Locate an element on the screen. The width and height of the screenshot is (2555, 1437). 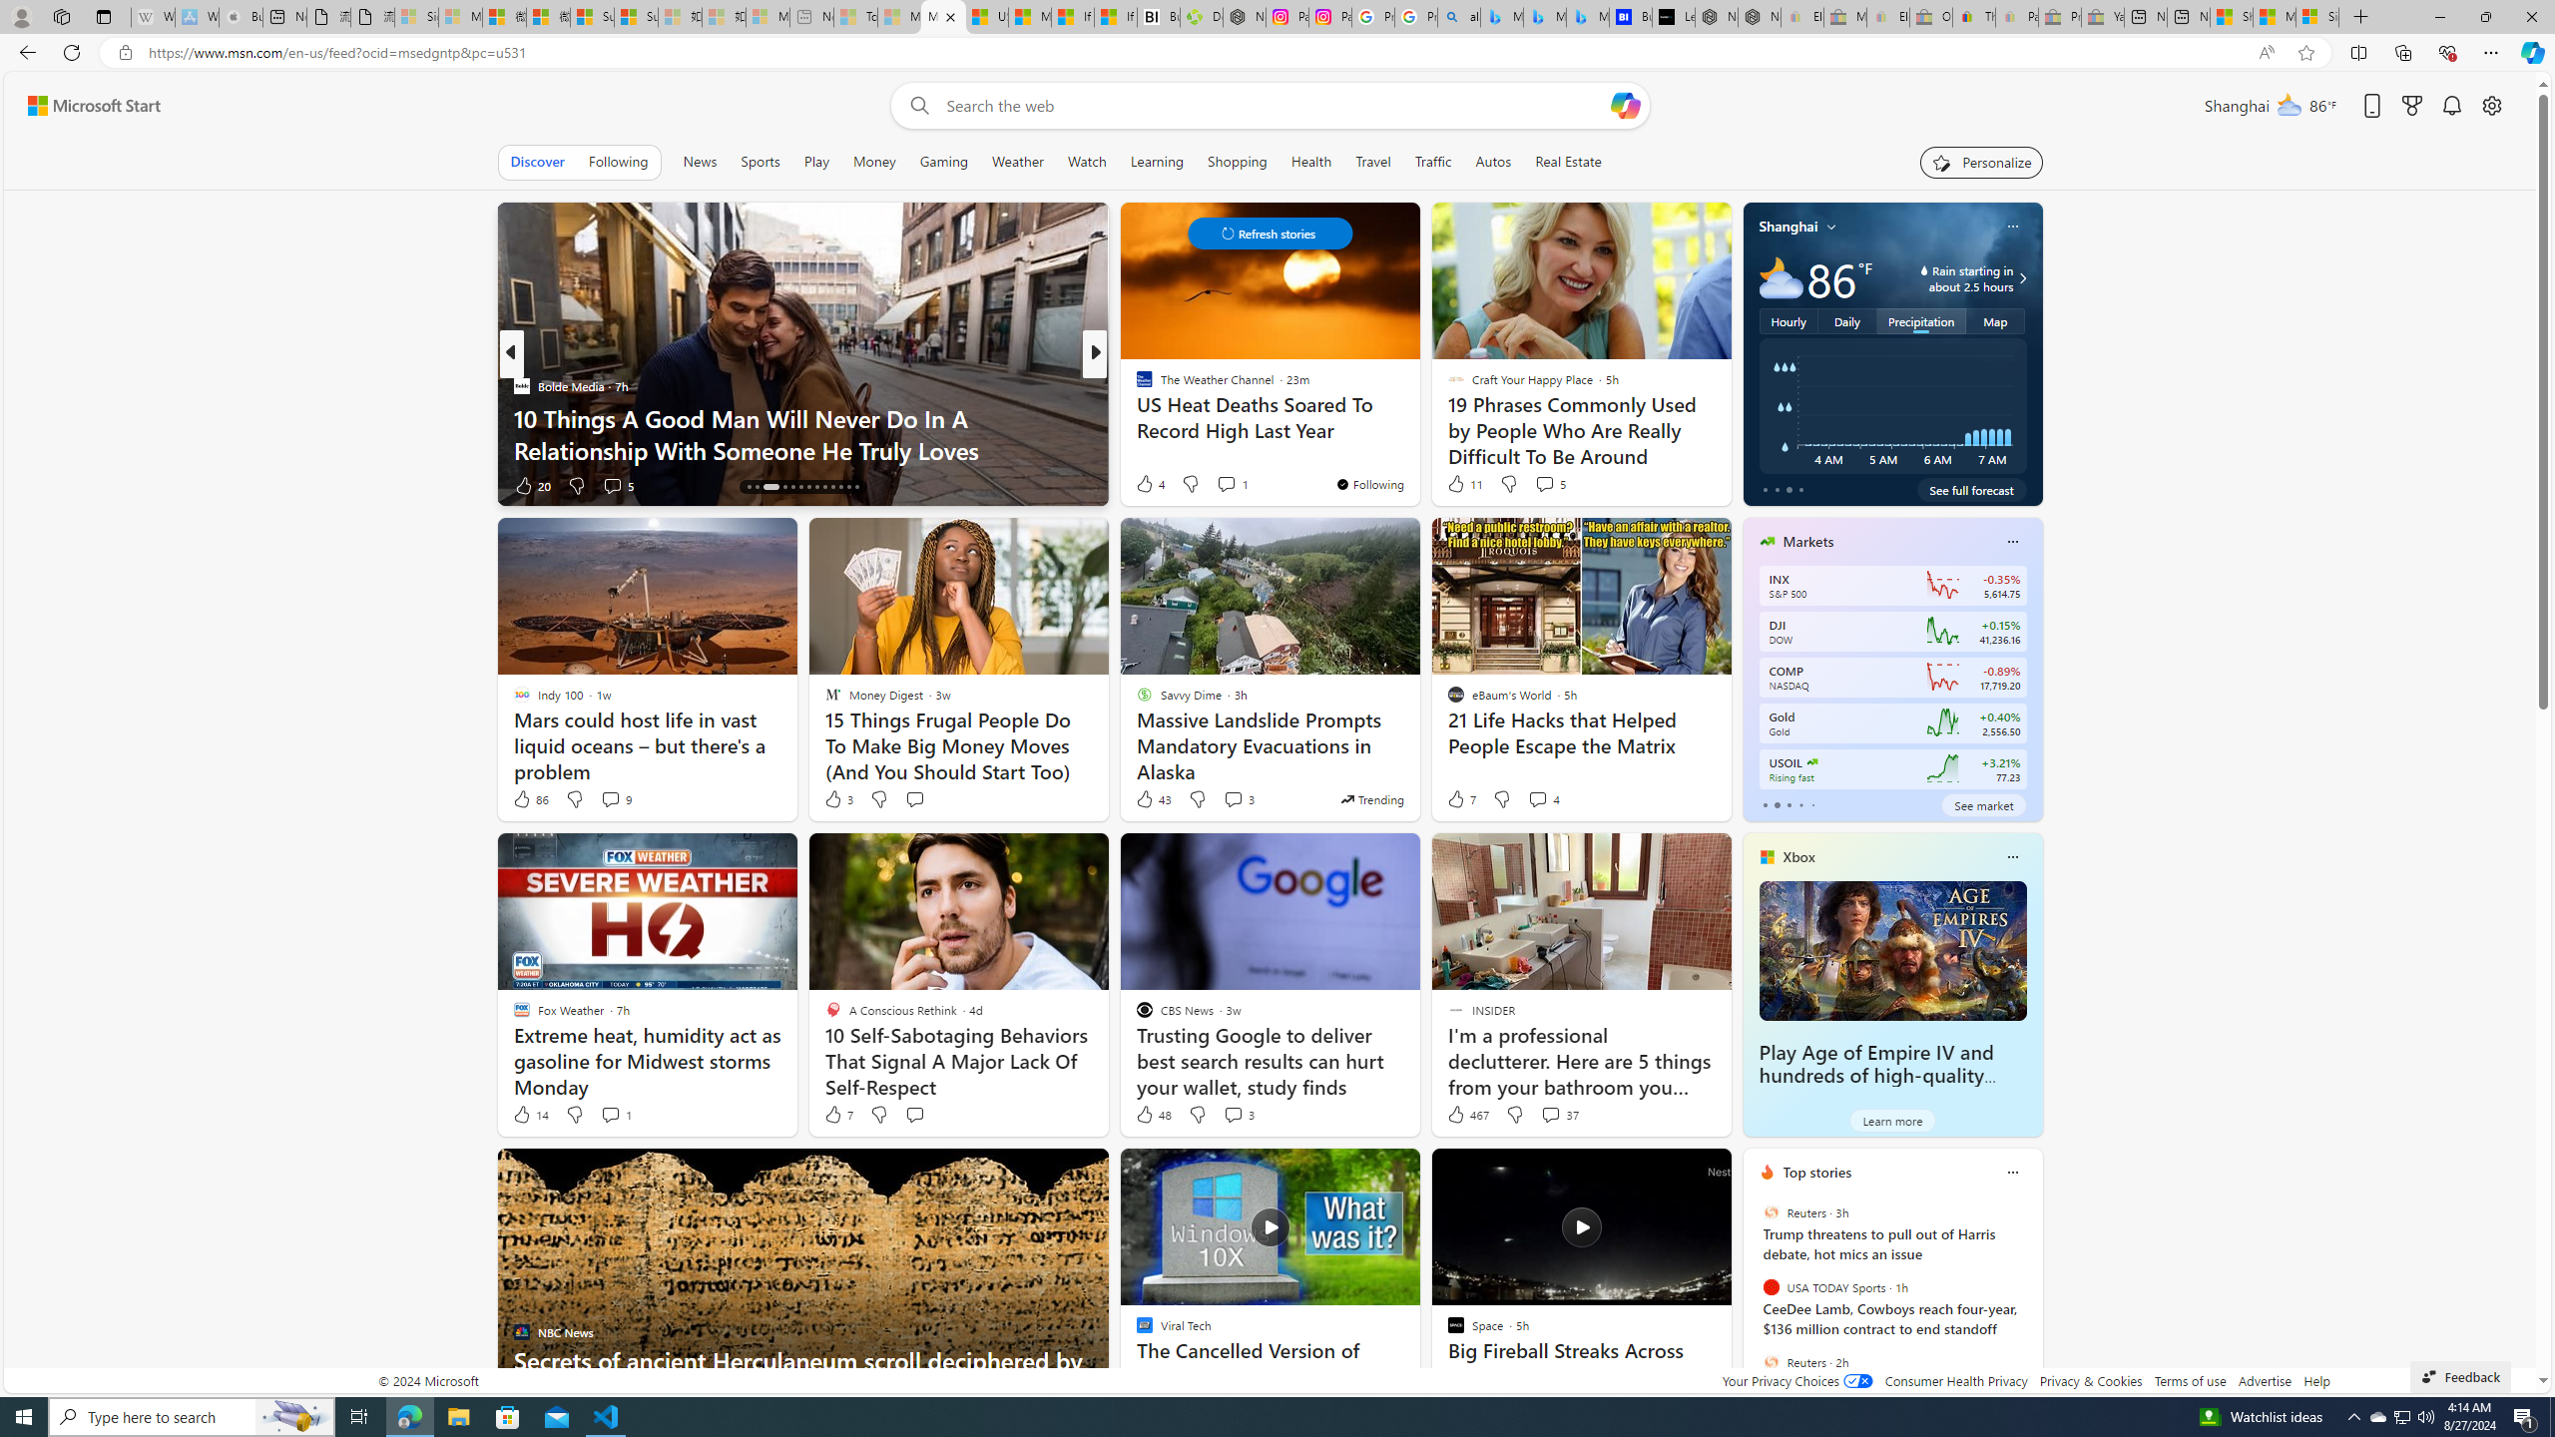
'ChaChingQueen' is located at coordinates (1135, 385).